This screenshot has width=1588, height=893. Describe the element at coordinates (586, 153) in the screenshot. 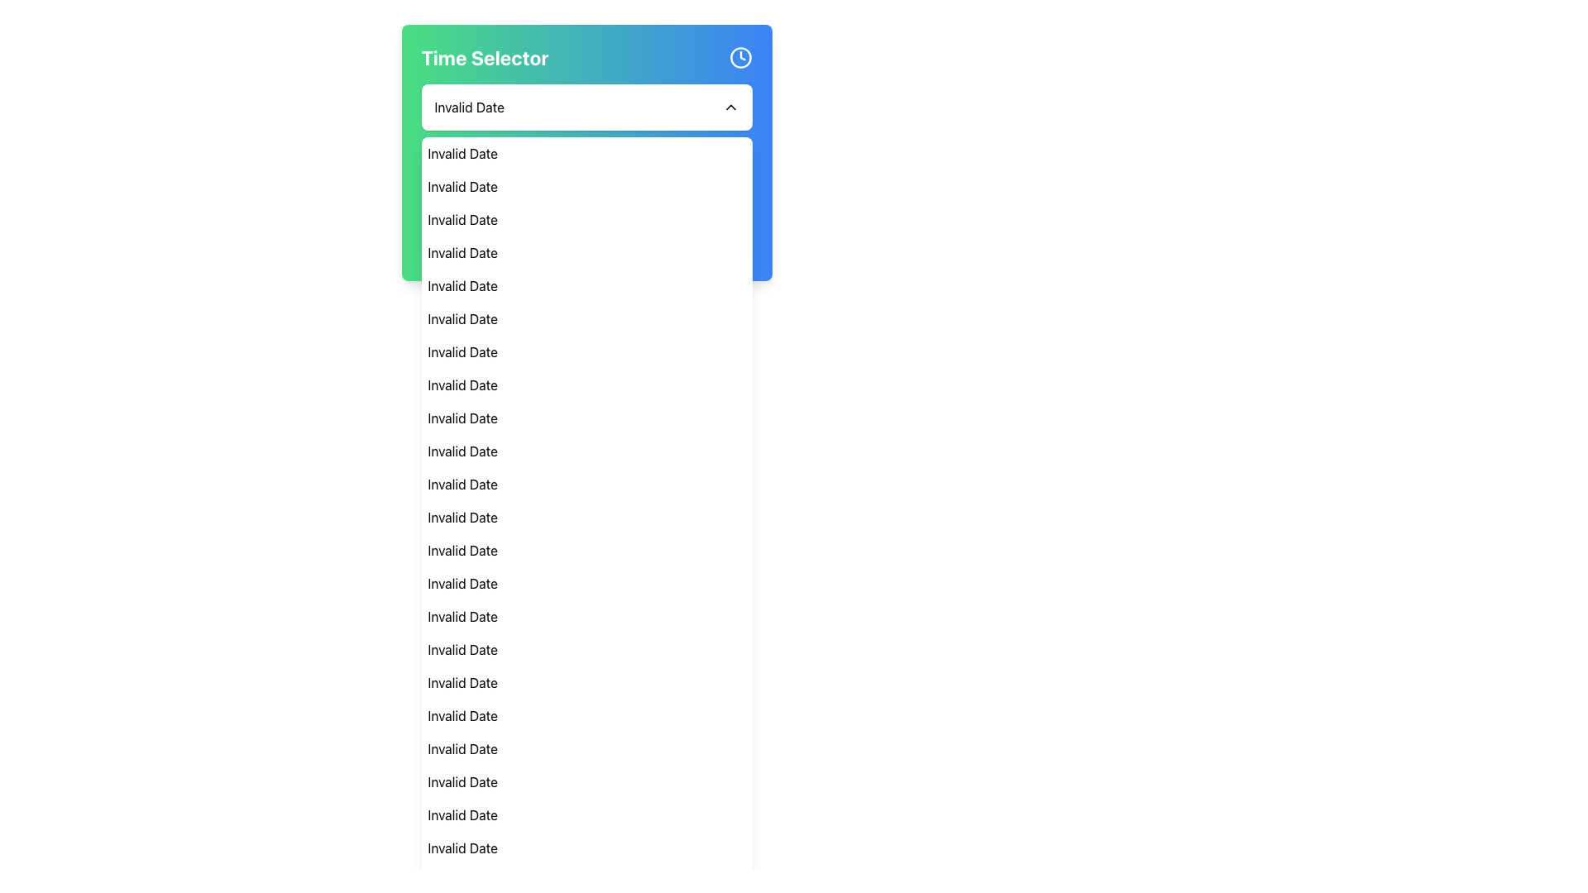

I see `the first item in the dropdown menu labeled 'Time Selector'` at that location.